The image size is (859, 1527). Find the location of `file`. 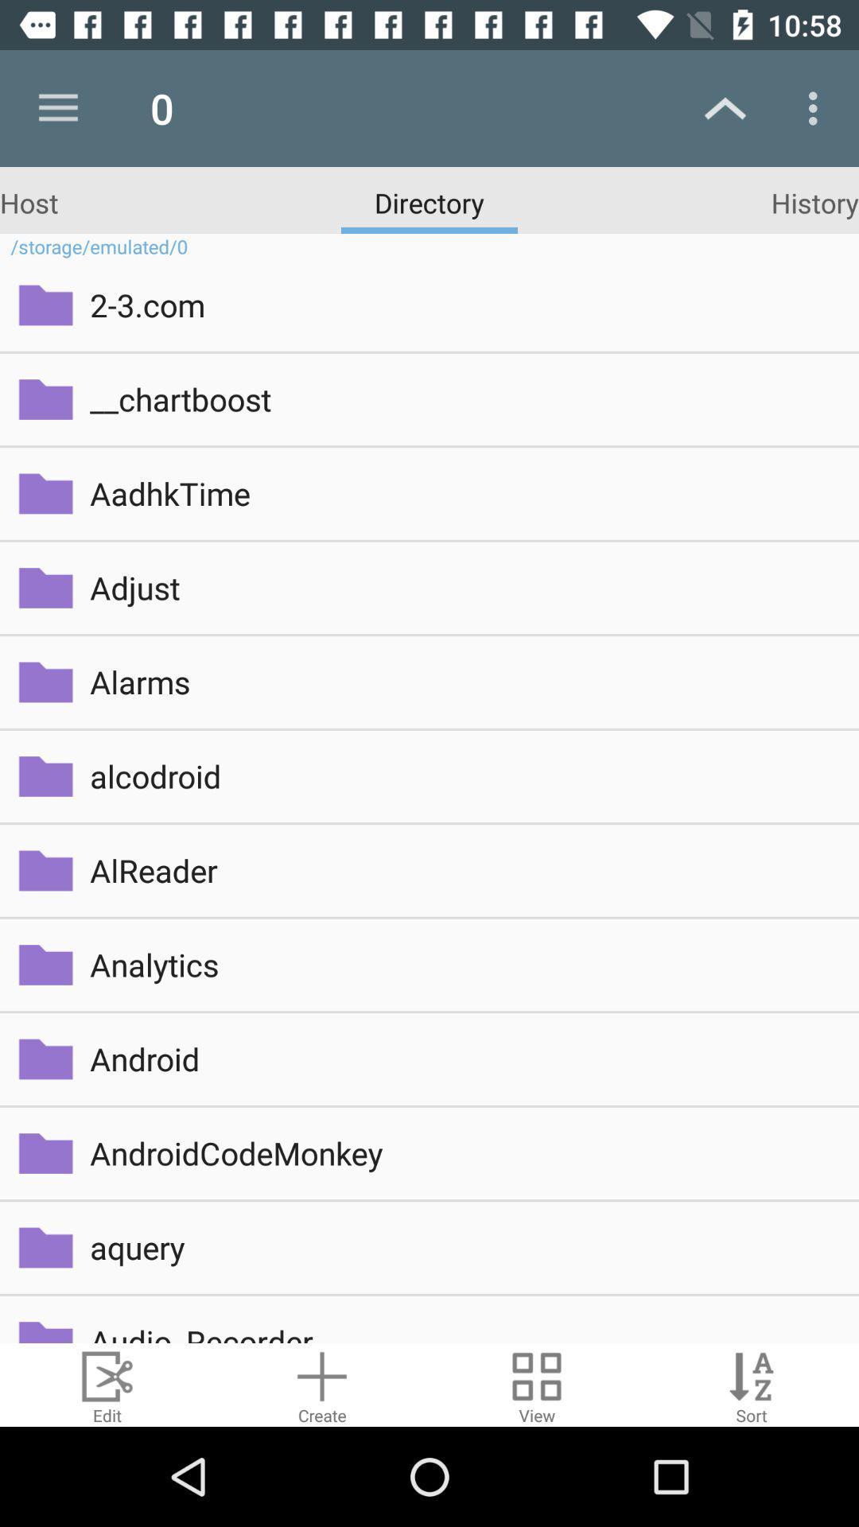

file is located at coordinates (322, 1384).